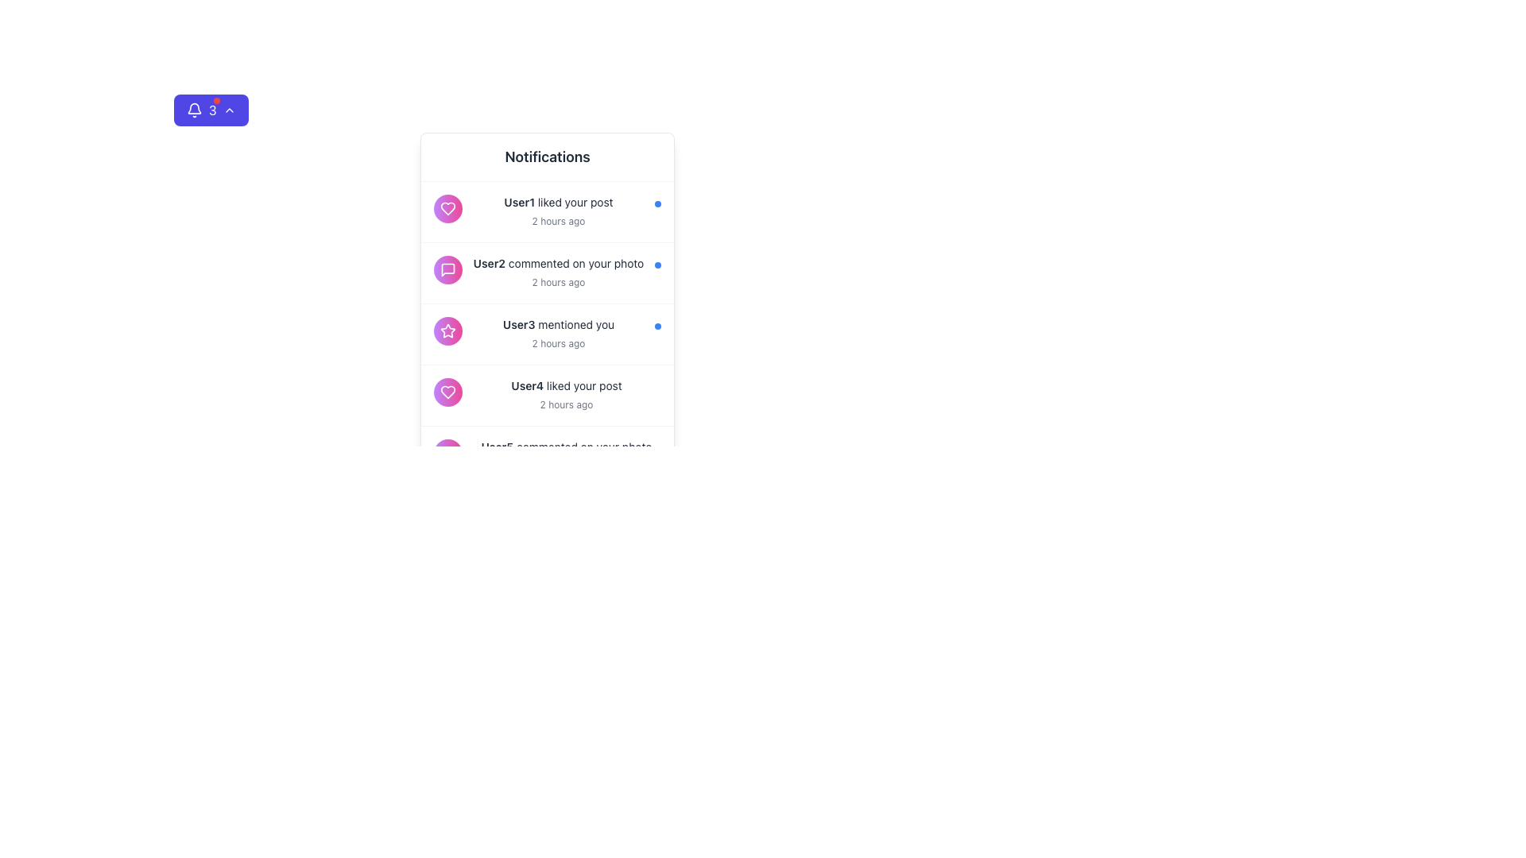  I want to click on the heart-shaped icon outlined in white, which is located in the notifications section, centered within its circular gradient background, so click(447, 392).